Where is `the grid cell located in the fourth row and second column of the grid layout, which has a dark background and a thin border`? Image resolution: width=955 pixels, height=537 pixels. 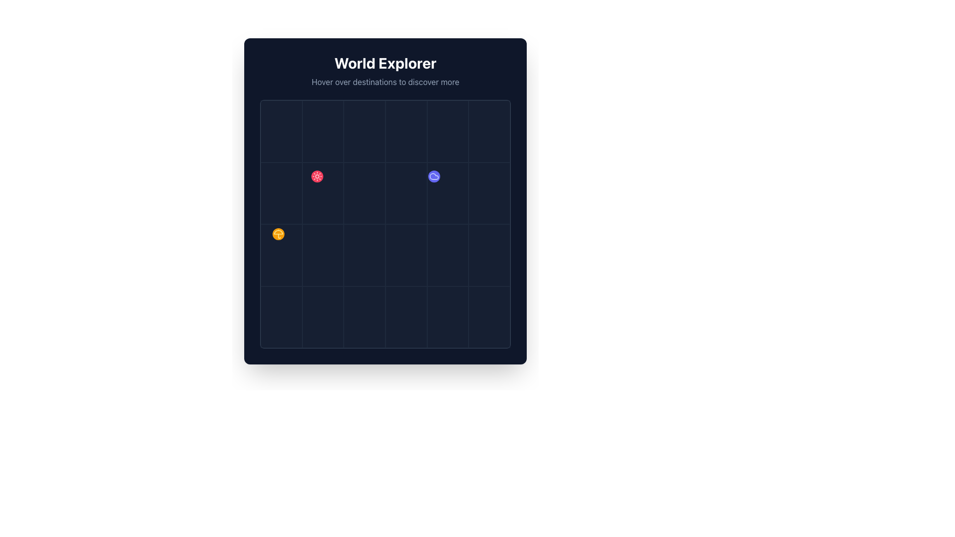
the grid cell located in the fourth row and second column of the grid layout, which has a dark background and a thin border is located at coordinates (323, 317).